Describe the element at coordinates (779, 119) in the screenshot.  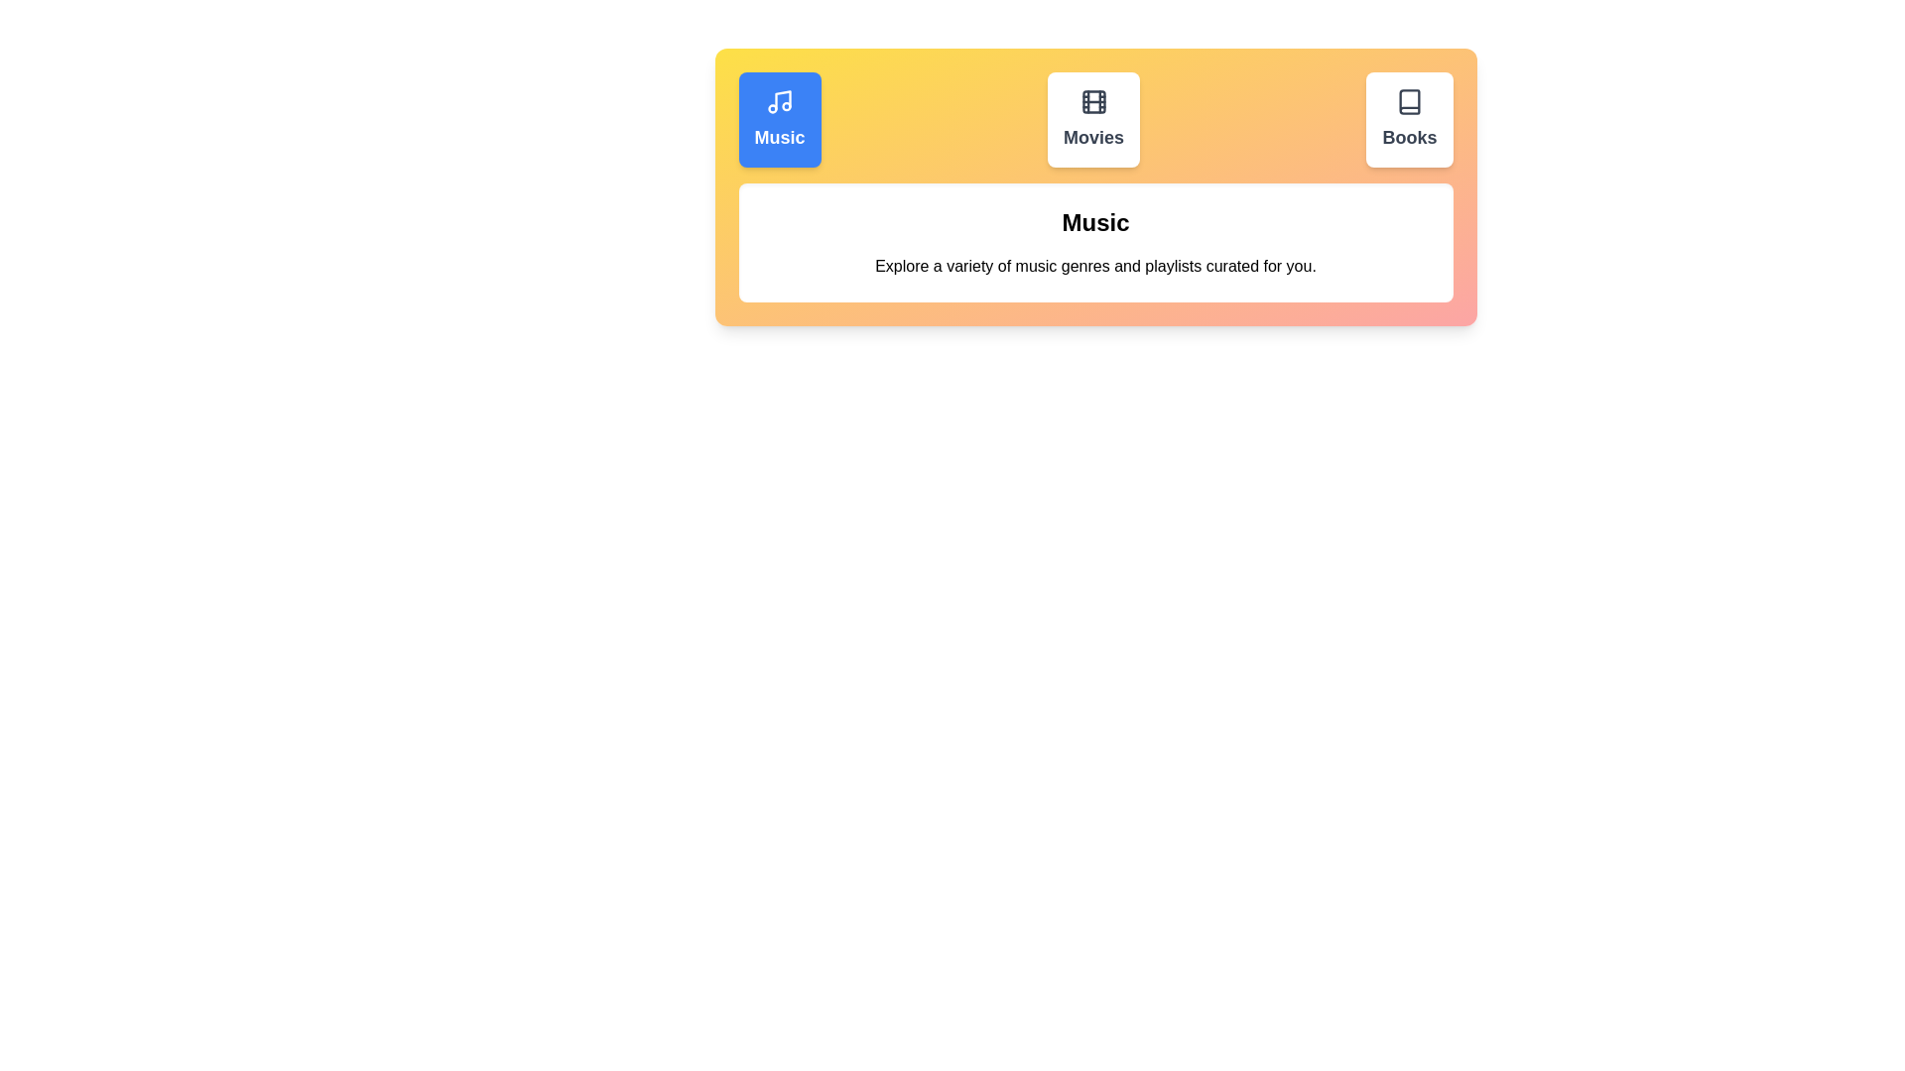
I see `the Music tab by clicking on its button` at that location.